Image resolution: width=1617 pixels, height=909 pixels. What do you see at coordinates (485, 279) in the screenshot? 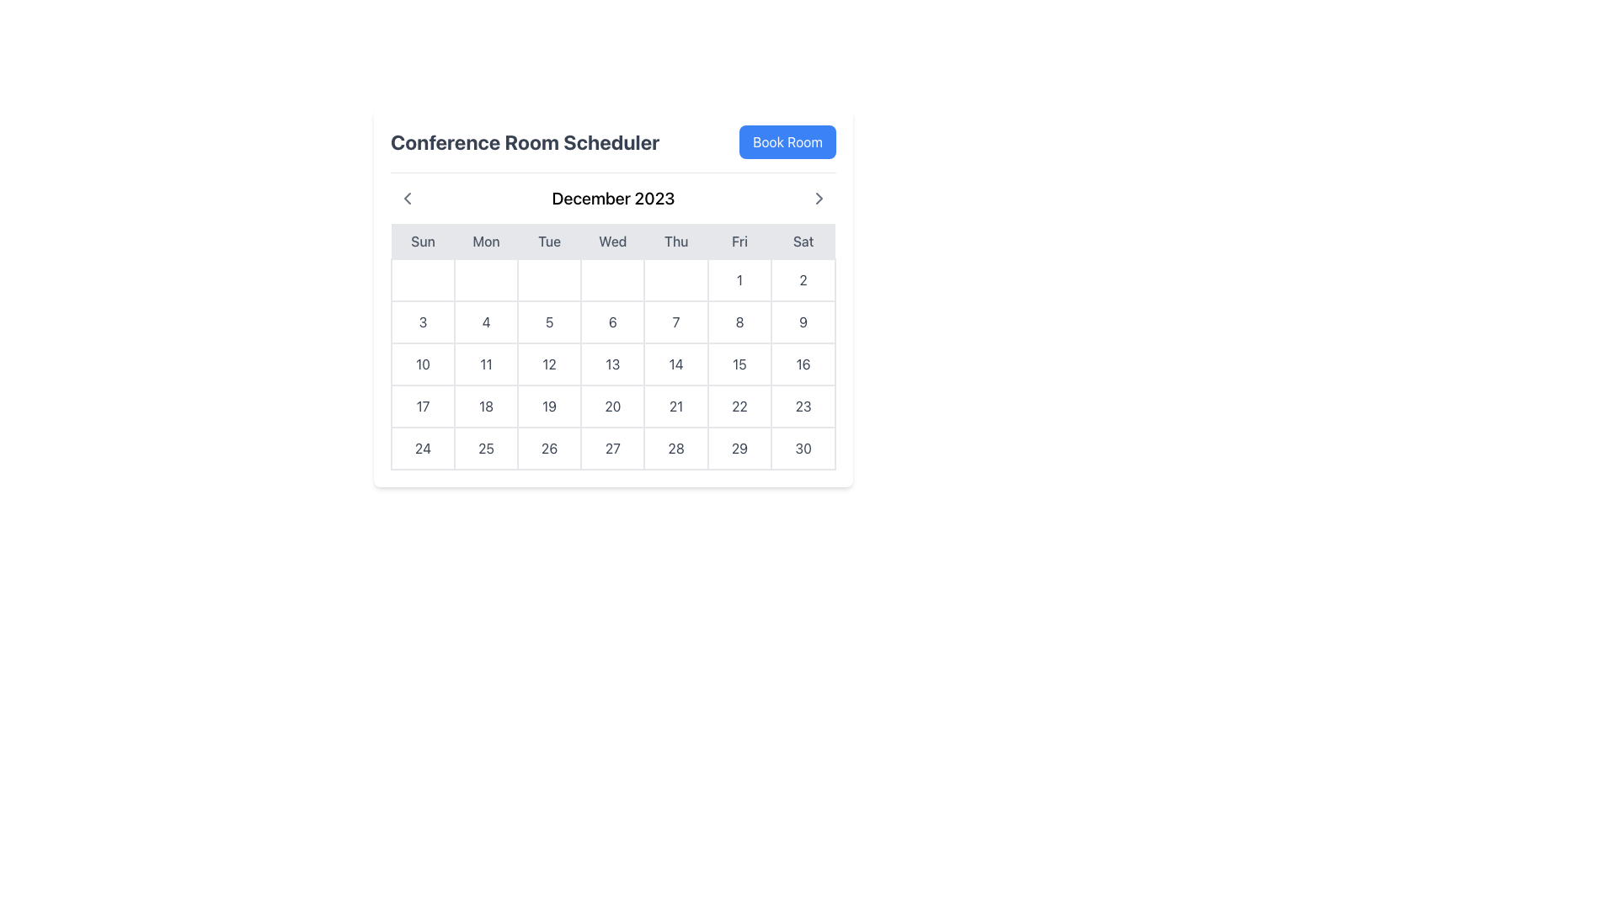
I see `the interactive placeholder in the second column (Monday) of the calendar grid, which has a light gray border and rounded corners` at bounding box center [485, 279].